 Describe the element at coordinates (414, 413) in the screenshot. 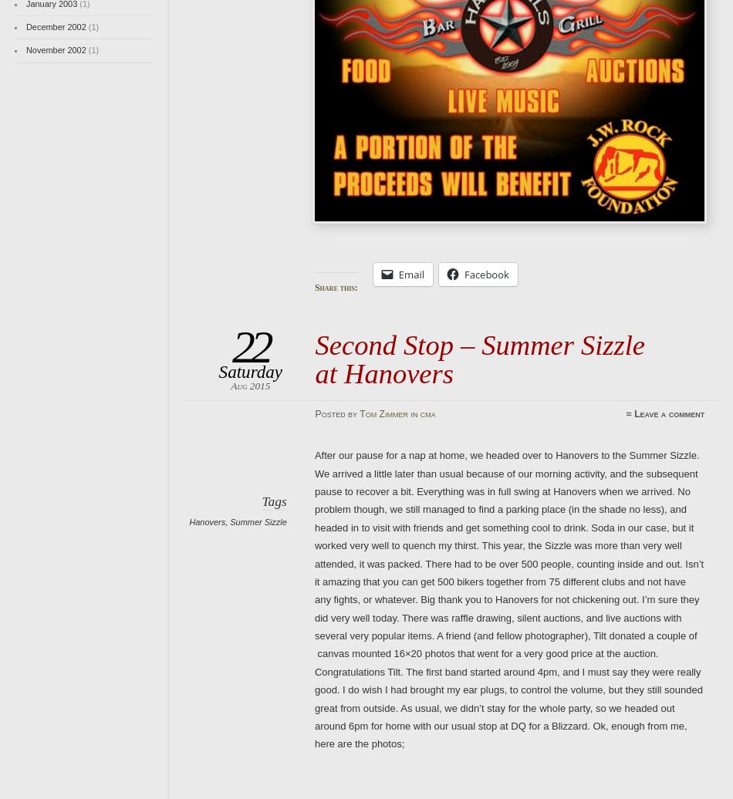

I see `'in'` at that location.